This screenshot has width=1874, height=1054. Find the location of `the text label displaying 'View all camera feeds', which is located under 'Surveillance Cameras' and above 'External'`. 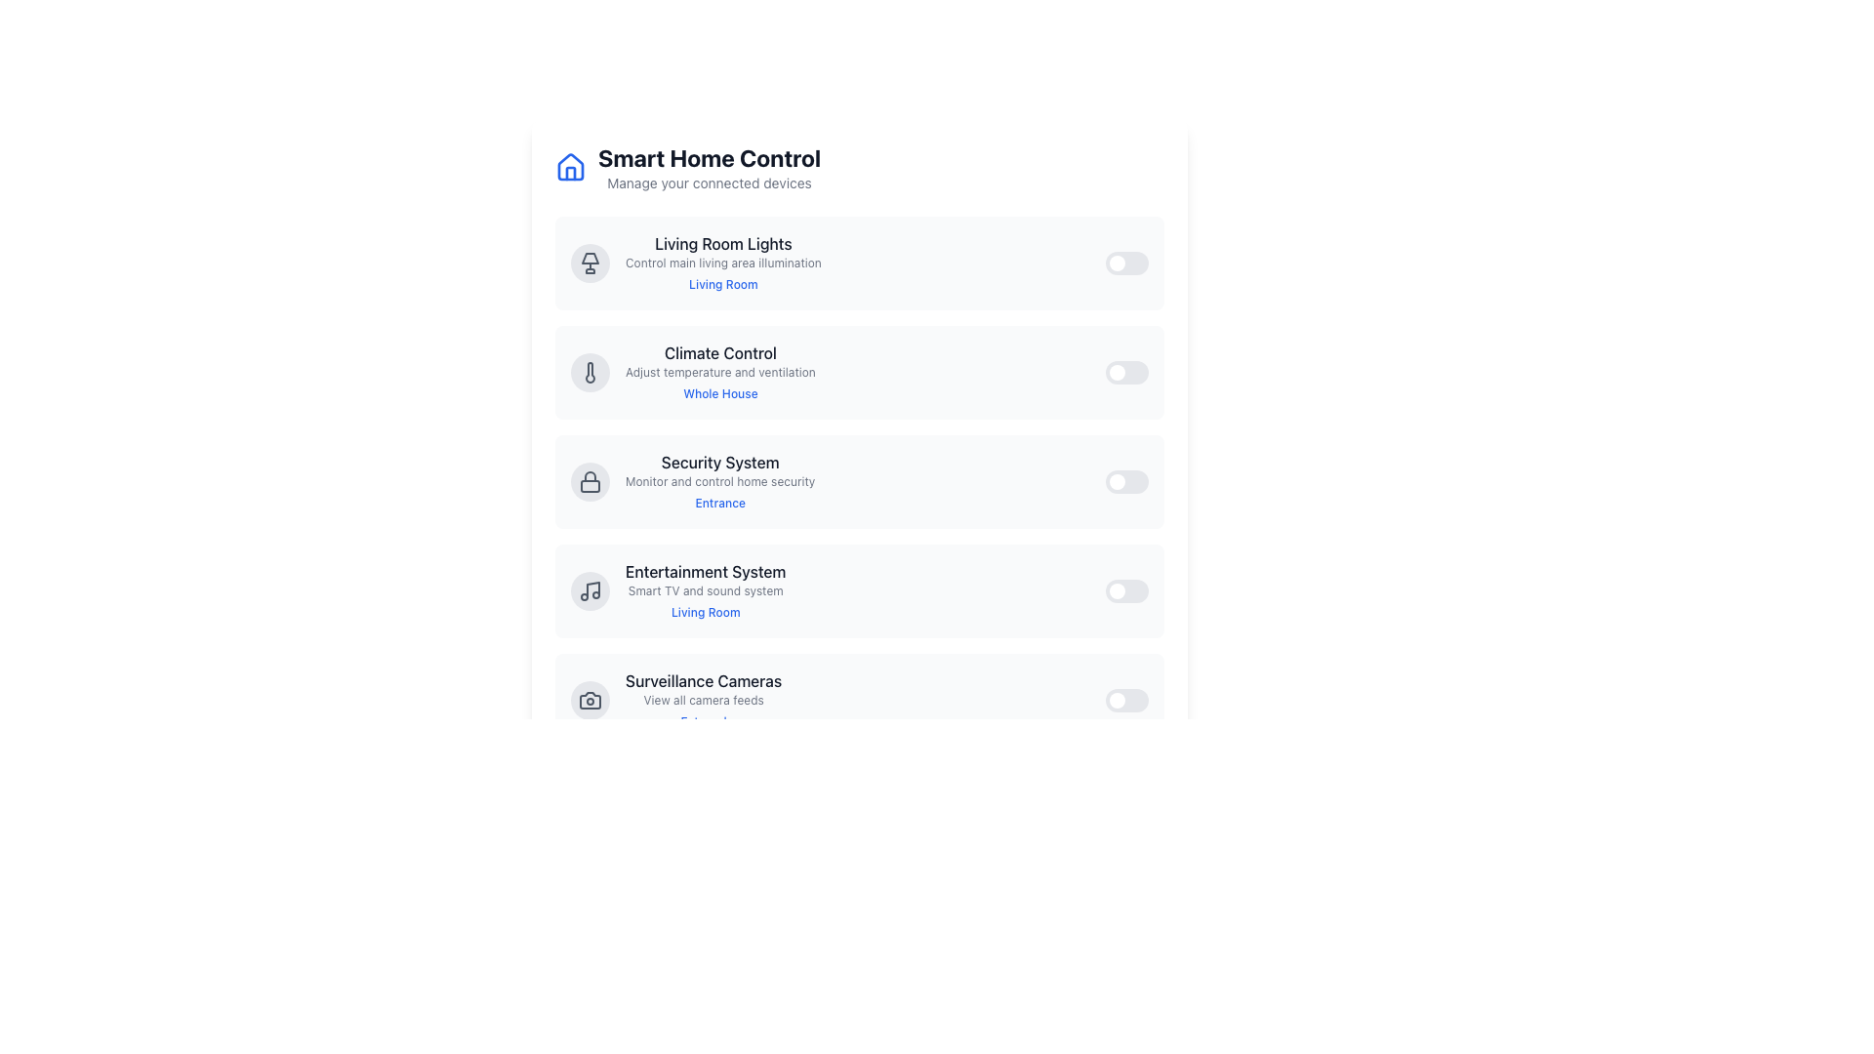

the text label displaying 'View all camera feeds', which is located under 'Surveillance Cameras' and above 'External' is located at coordinates (703, 699).